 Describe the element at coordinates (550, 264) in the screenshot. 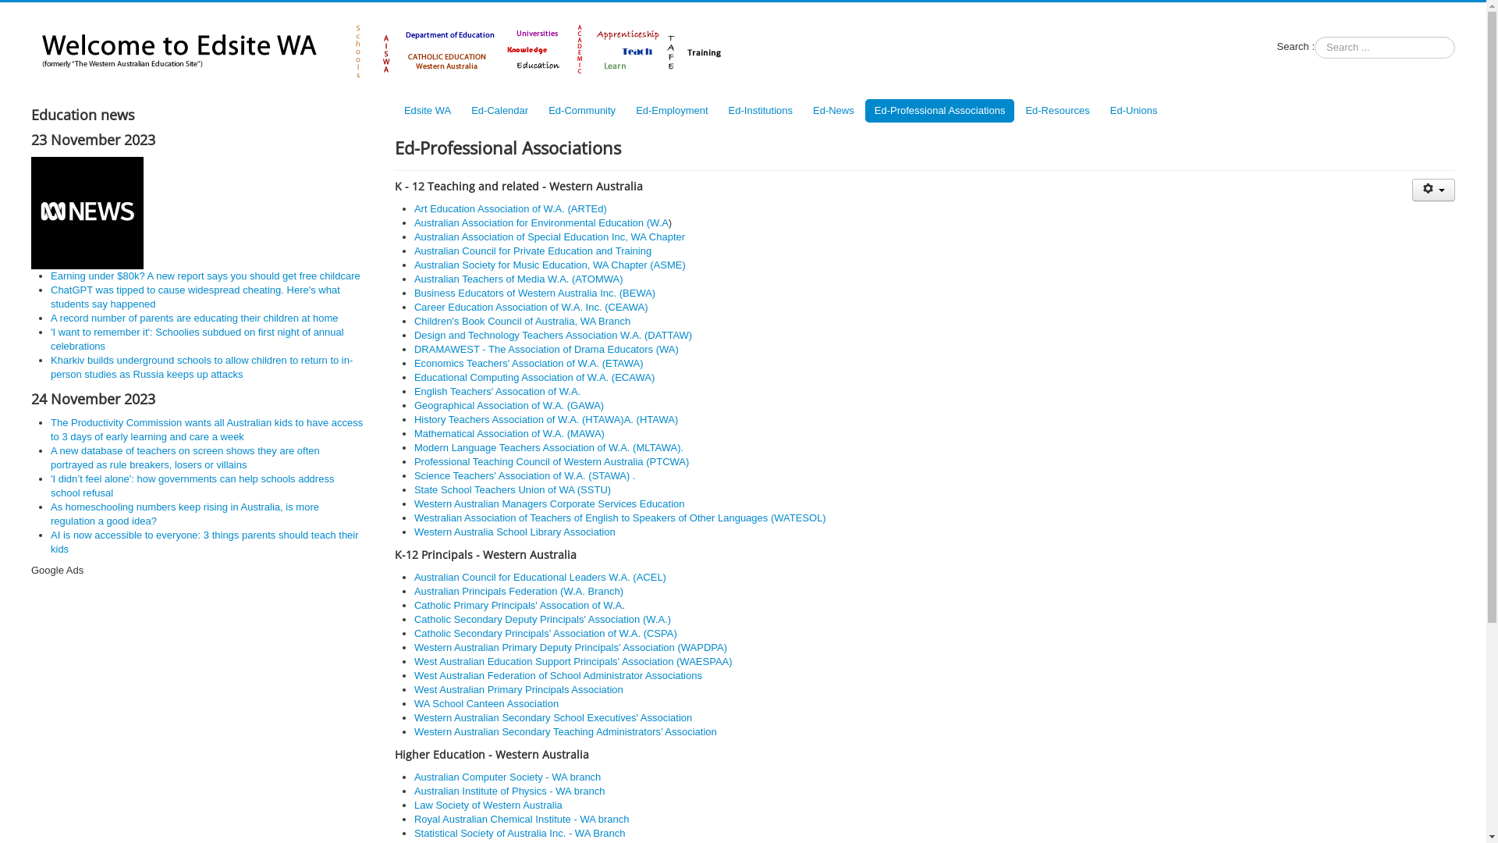

I see `'Australian Society for Music Education, WA Chapter (ASME)'` at that location.